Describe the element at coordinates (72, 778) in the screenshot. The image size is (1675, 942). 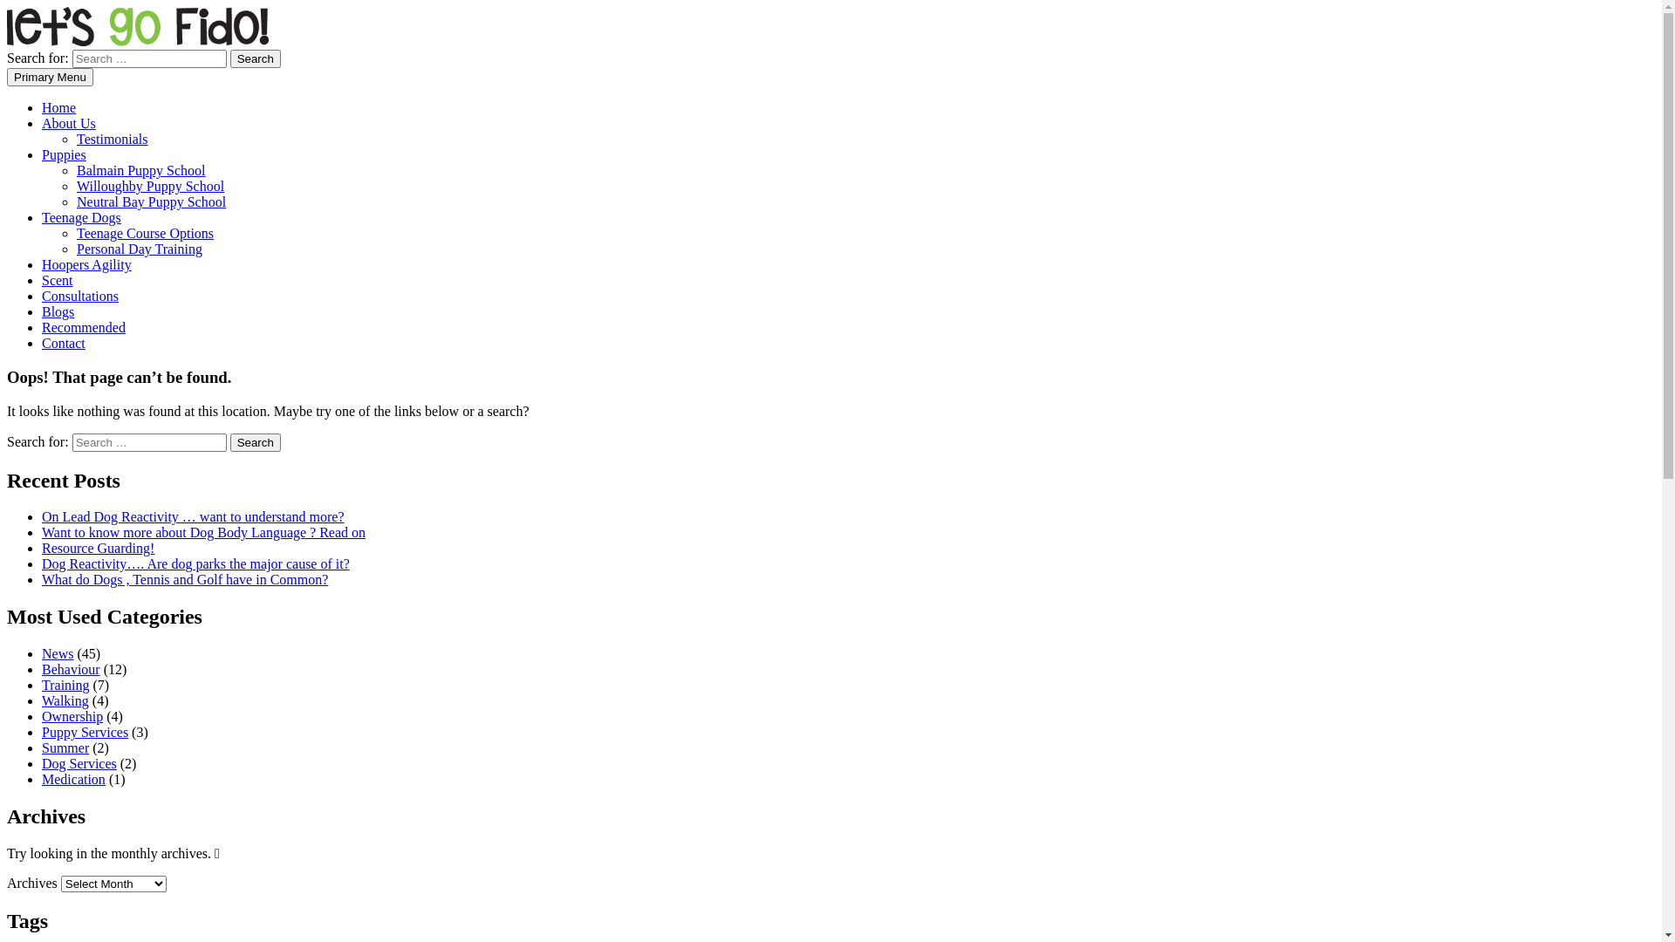
I see `'Medication'` at that location.